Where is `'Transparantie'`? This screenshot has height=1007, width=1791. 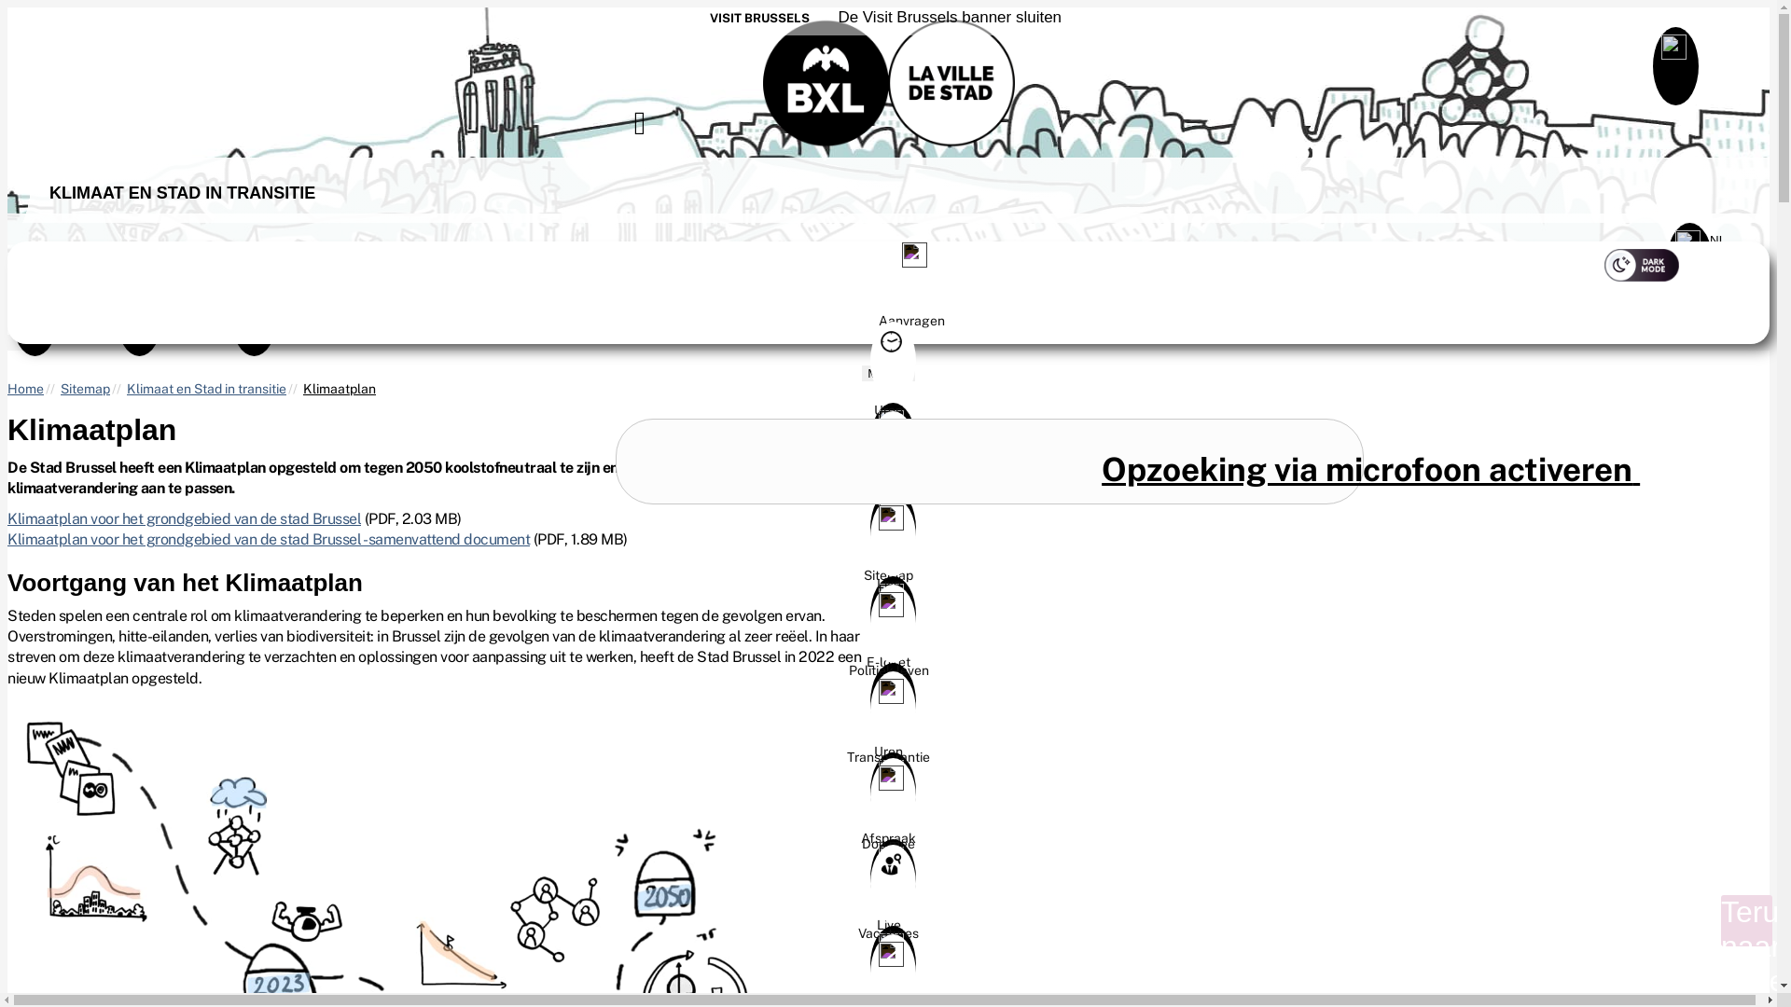
'Transparantie' is located at coordinates (887, 726).